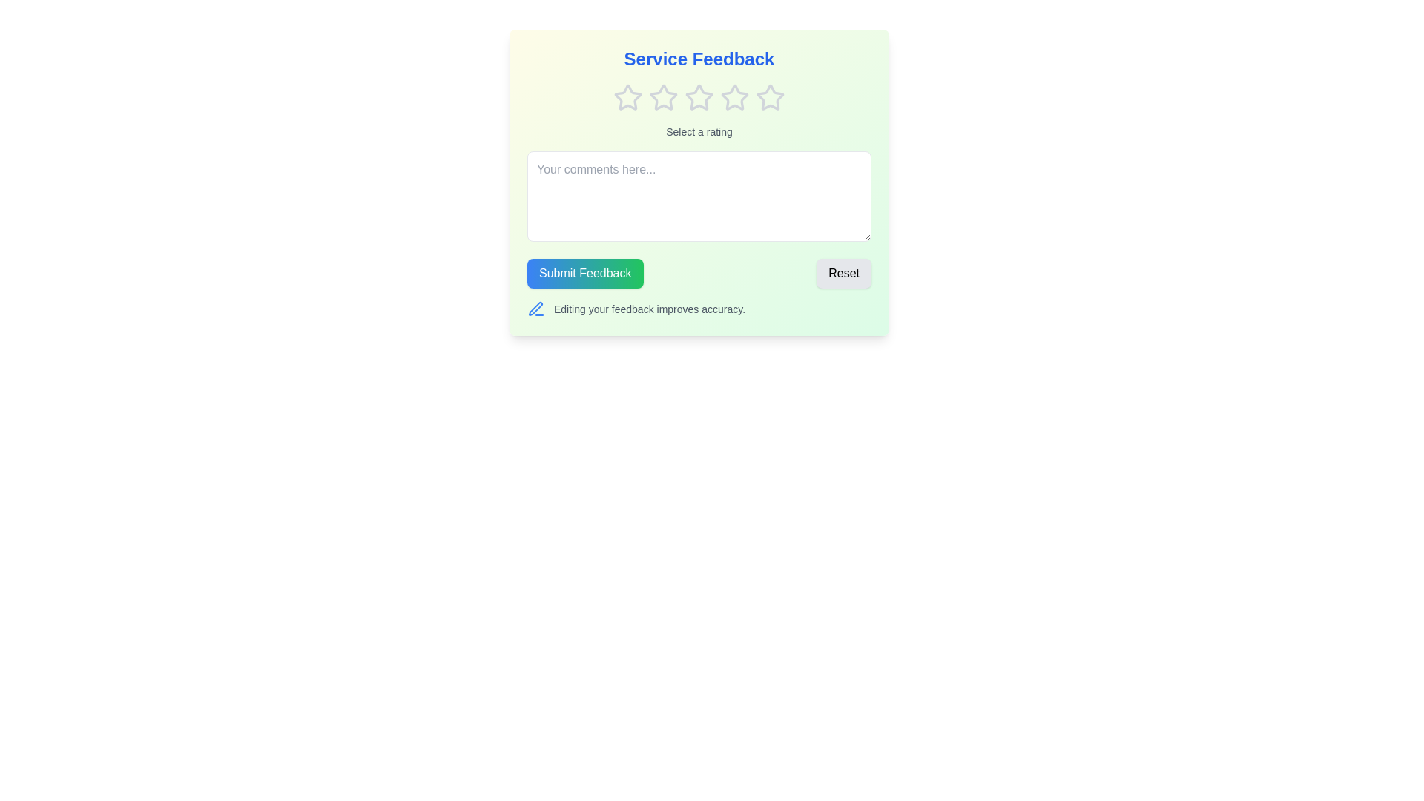  What do you see at coordinates (698, 308) in the screenshot?
I see `the informational message with a pen icon that reads 'Editing your feedback improves accuracy.' located below the 'Submit Feedback' and 'Reset' buttons` at bounding box center [698, 308].